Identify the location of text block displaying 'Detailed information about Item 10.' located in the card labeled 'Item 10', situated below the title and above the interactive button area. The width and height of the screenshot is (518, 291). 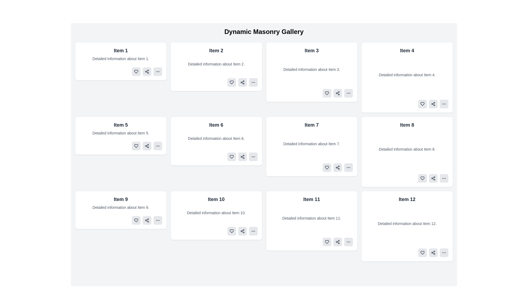
(216, 213).